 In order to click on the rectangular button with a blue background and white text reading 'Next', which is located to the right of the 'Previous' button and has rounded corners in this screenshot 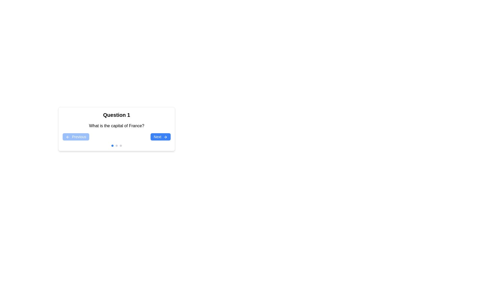, I will do `click(160, 136)`.